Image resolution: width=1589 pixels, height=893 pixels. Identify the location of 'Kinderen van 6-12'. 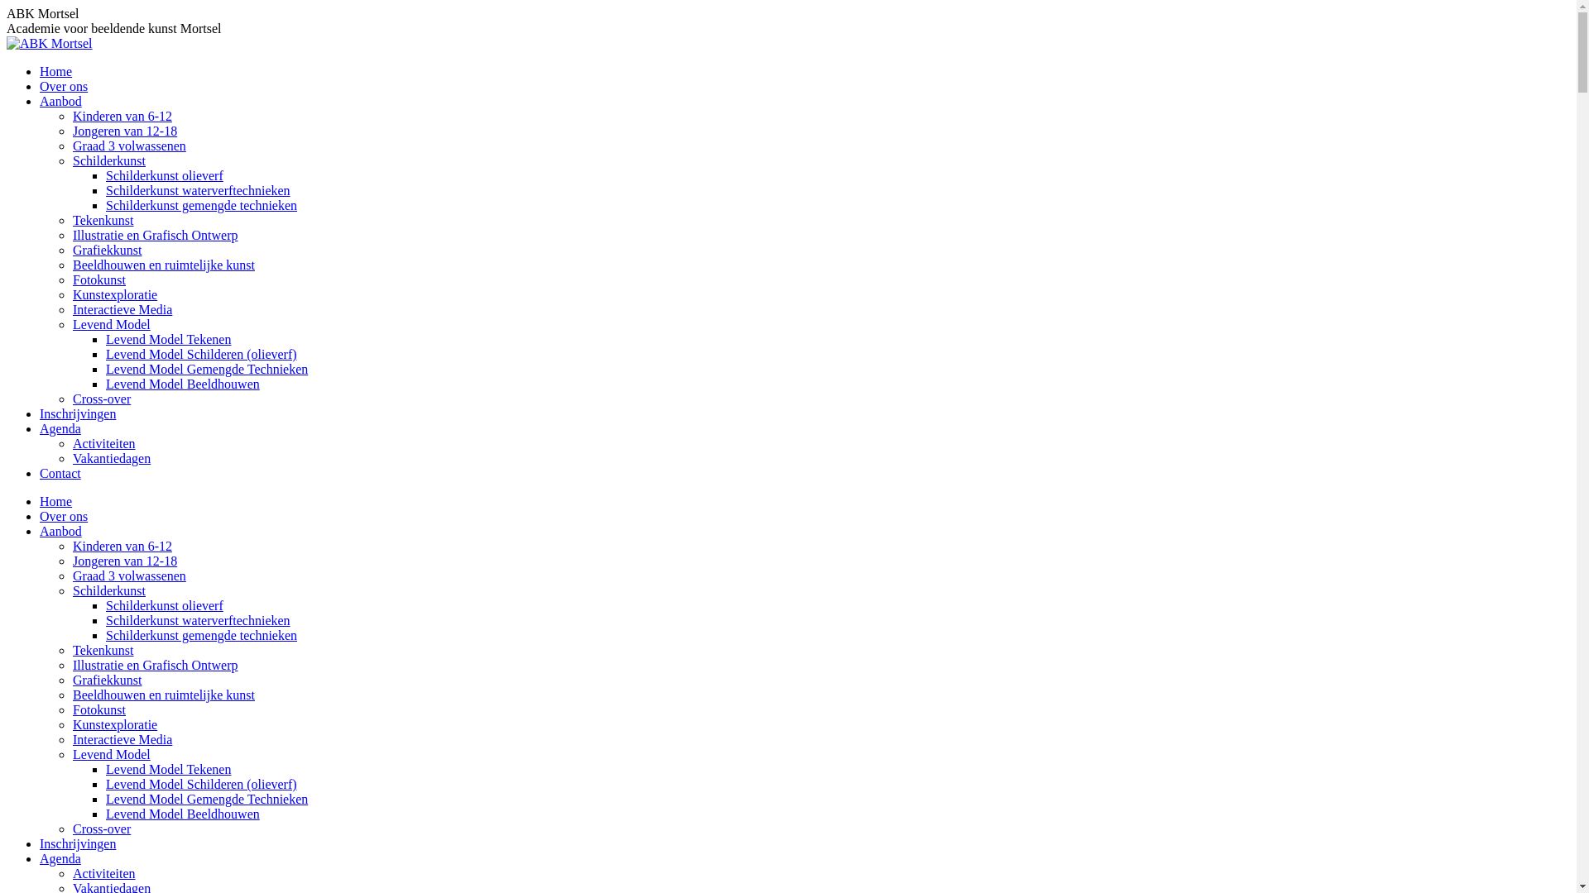
(71, 115).